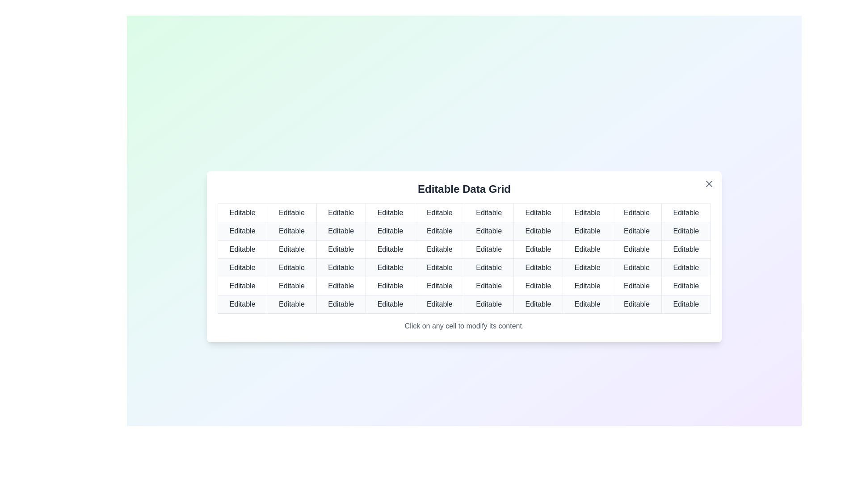  What do you see at coordinates (709, 183) in the screenshot?
I see `the close button to close the dialog` at bounding box center [709, 183].